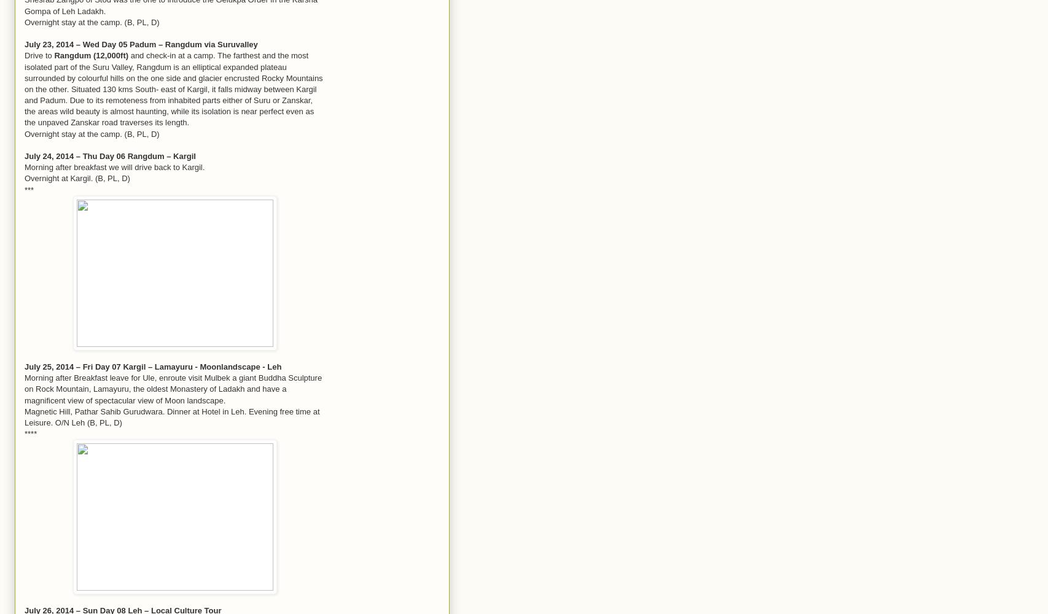  I want to click on 'Magnetic Hill, Pathar Sahib Gurudwara. Dinner at Hotel in Leh. Evening free time at Leisure. O/N Leh (B, PL, D)', so click(24, 416).